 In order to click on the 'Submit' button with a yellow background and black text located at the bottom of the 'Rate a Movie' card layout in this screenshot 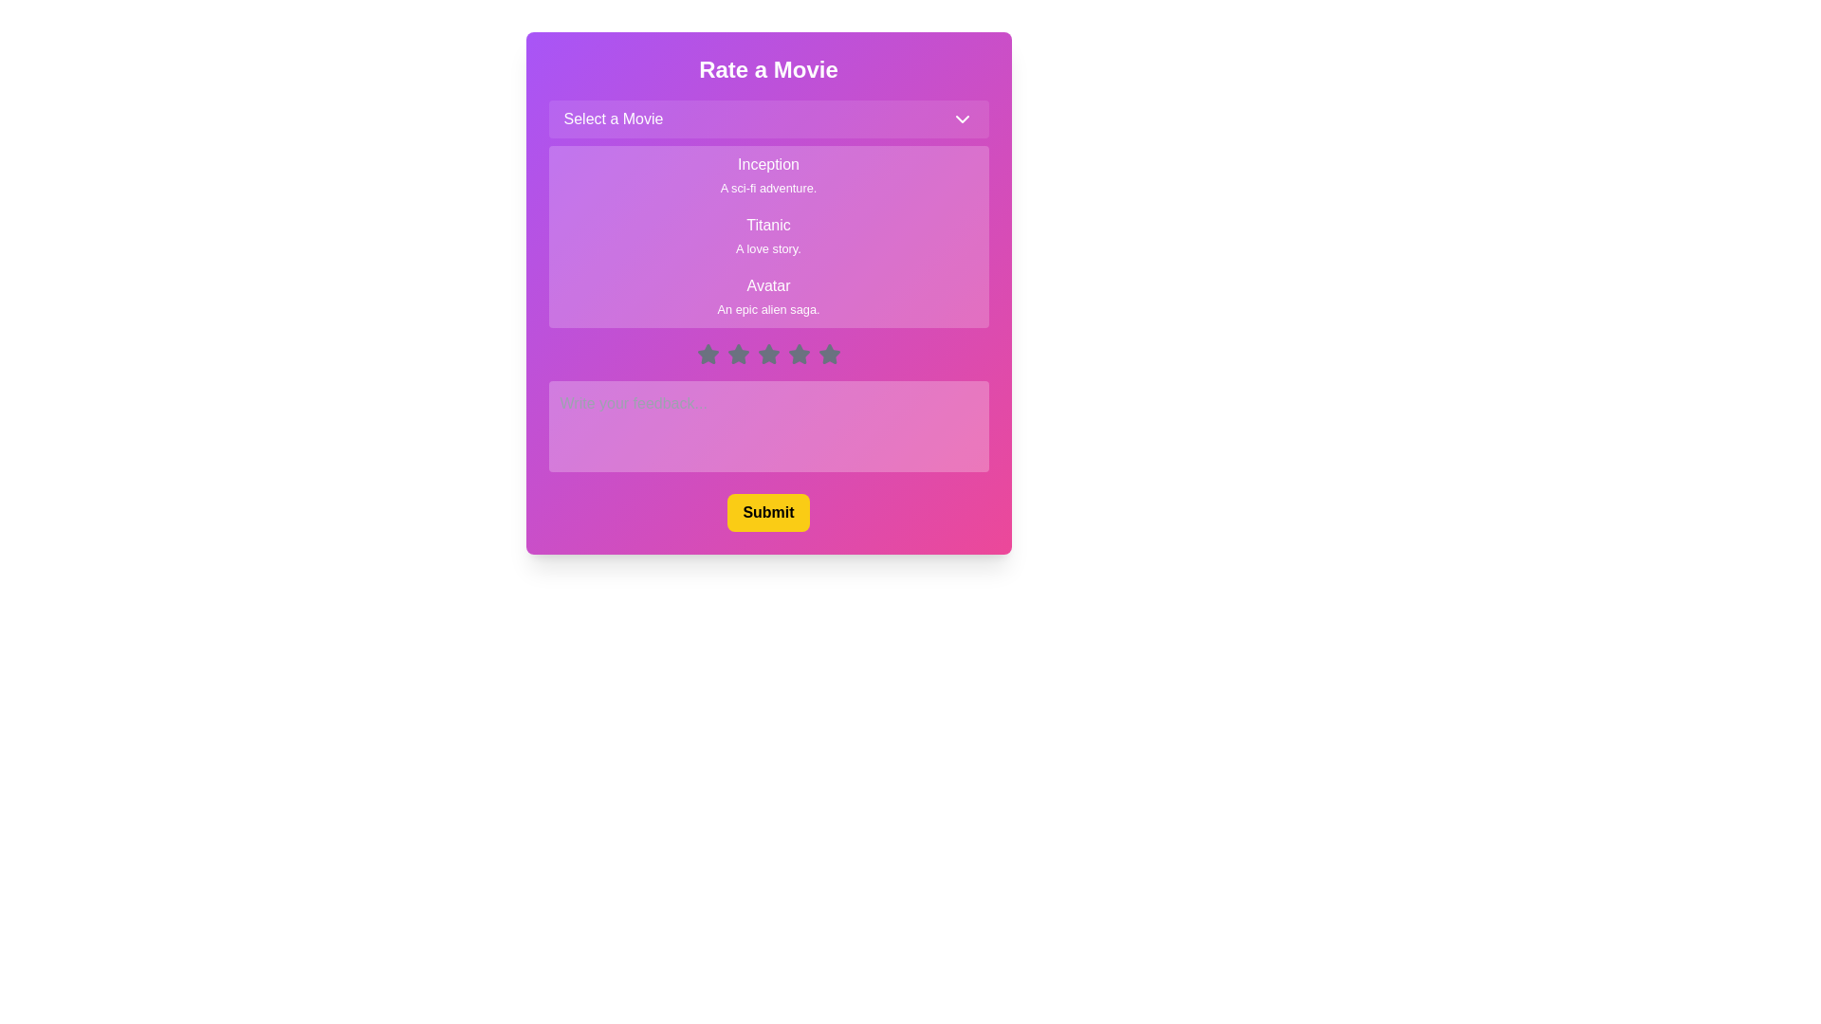, I will do `click(768, 512)`.